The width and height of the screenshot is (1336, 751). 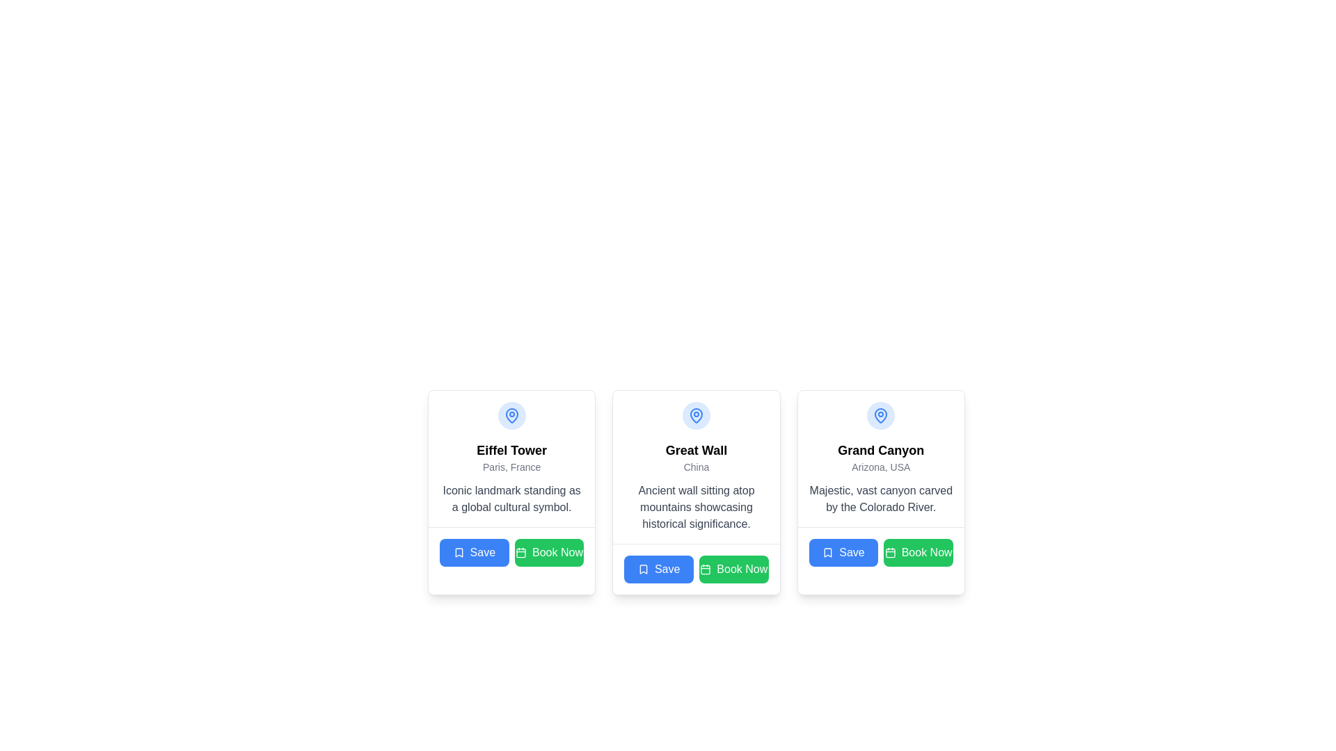 What do you see at coordinates (696, 507) in the screenshot?
I see `the textual description in the central card that reads 'Ancient wall sitting atop mountains showcasing historical significance.'` at bounding box center [696, 507].